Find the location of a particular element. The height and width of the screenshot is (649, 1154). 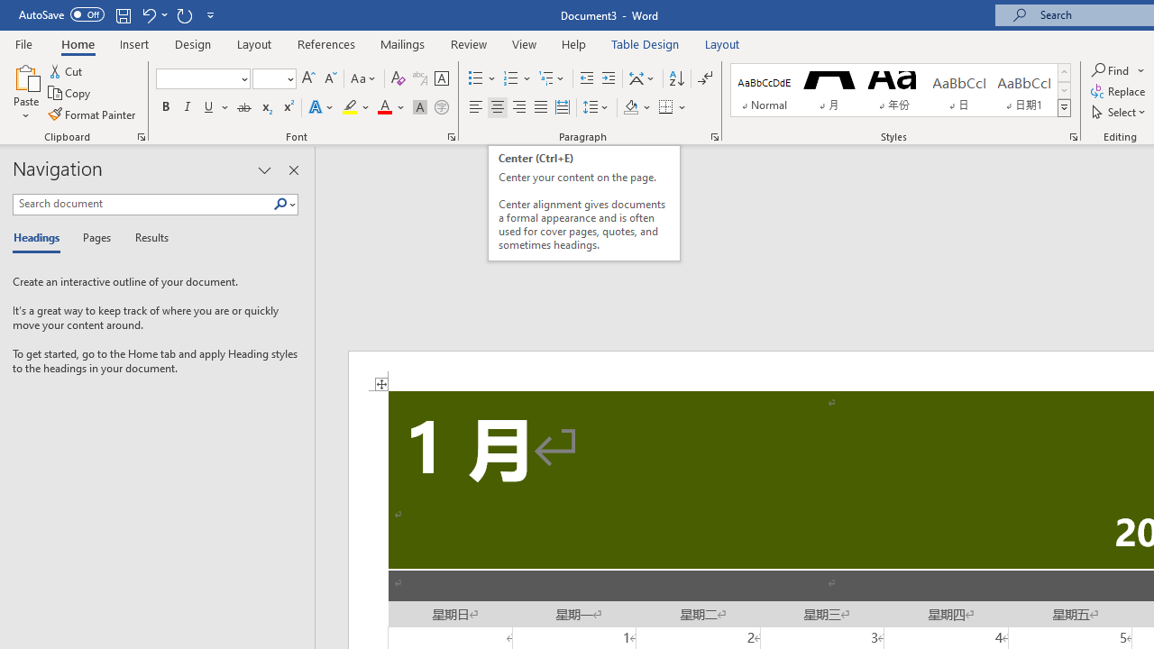

'Change Case' is located at coordinates (363, 78).